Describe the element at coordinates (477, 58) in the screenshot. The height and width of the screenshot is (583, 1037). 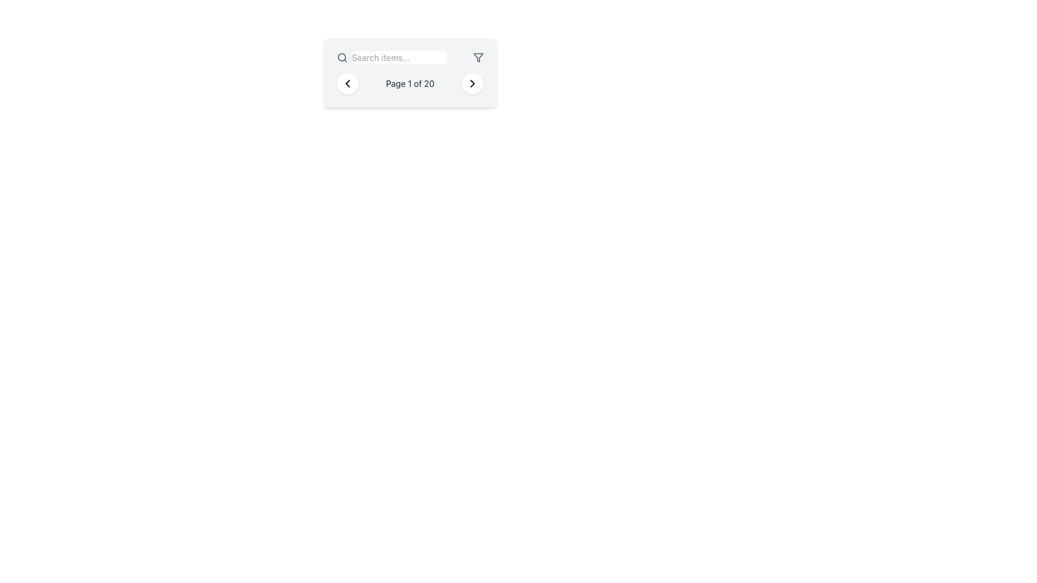
I see `the filter icon, which is a small funnel icon located to the right of the search input field` at that location.